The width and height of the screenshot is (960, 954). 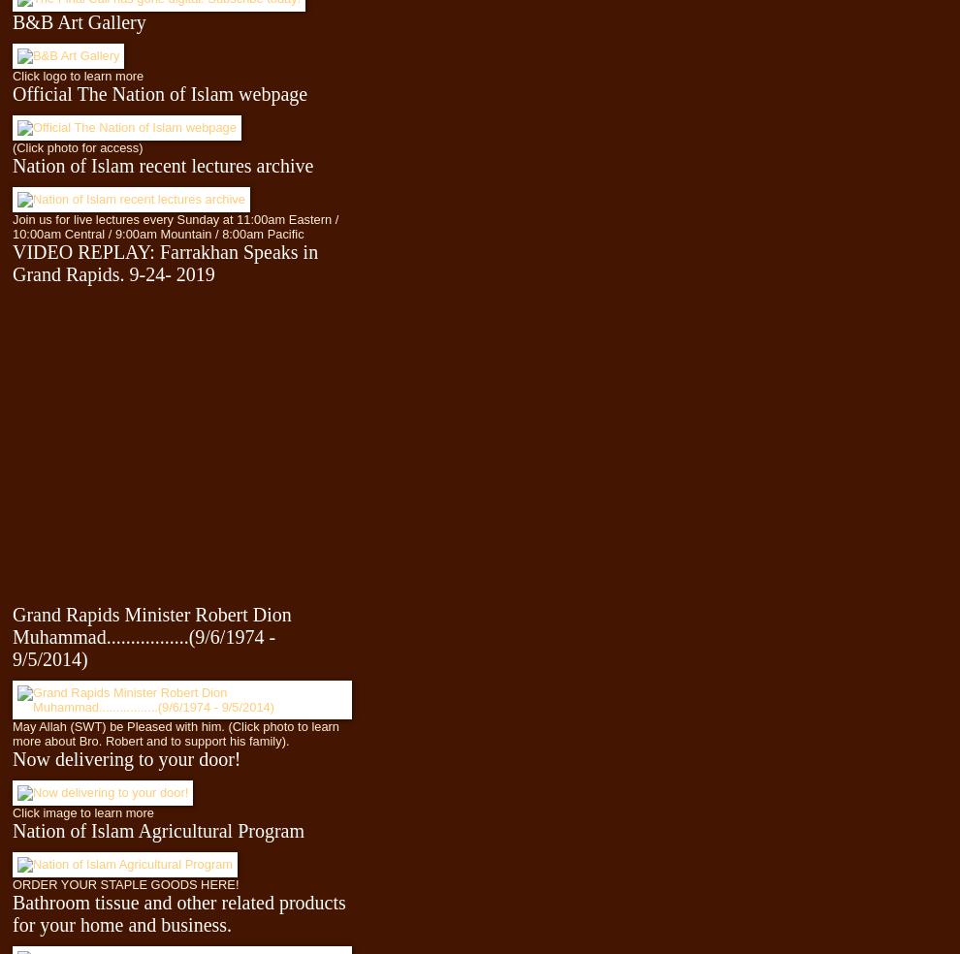 What do you see at coordinates (158, 828) in the screenshot?
I see `'Nation of Islam Agricultural Program'` at bounding box center [158, 828].